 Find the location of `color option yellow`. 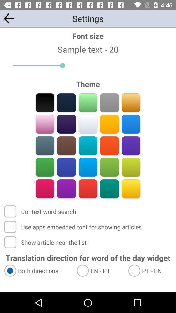

color option yellow is located at coordinates (131, 188).